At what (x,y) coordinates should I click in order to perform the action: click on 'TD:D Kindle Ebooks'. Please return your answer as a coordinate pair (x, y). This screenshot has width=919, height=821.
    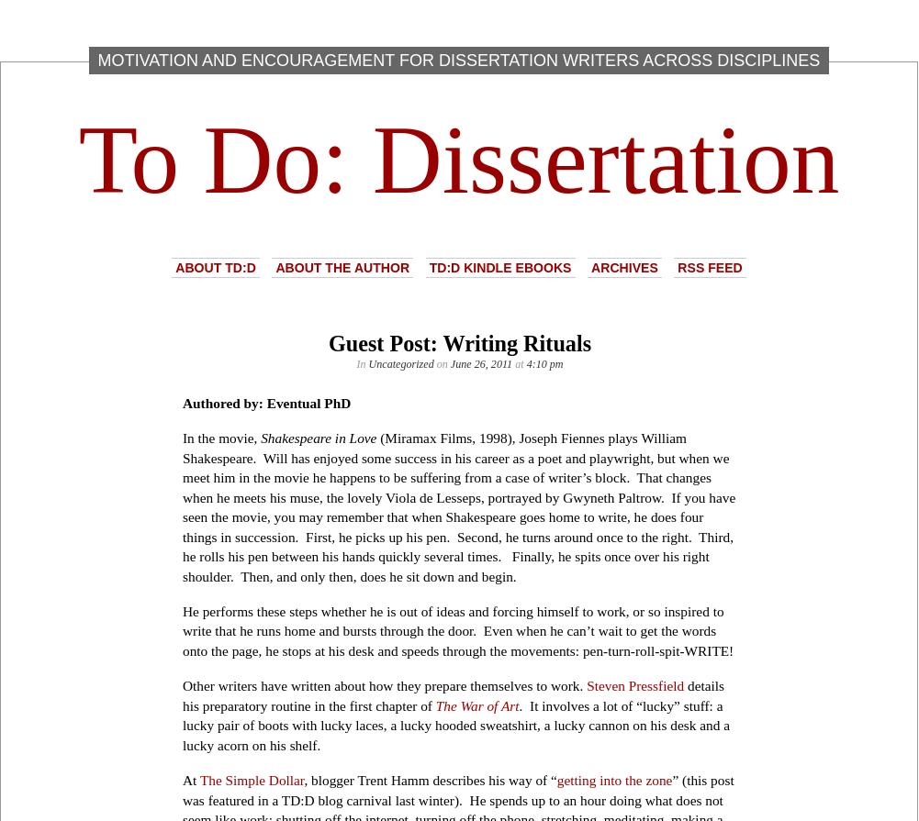
    Looking at the image, I should click on (428, 266).